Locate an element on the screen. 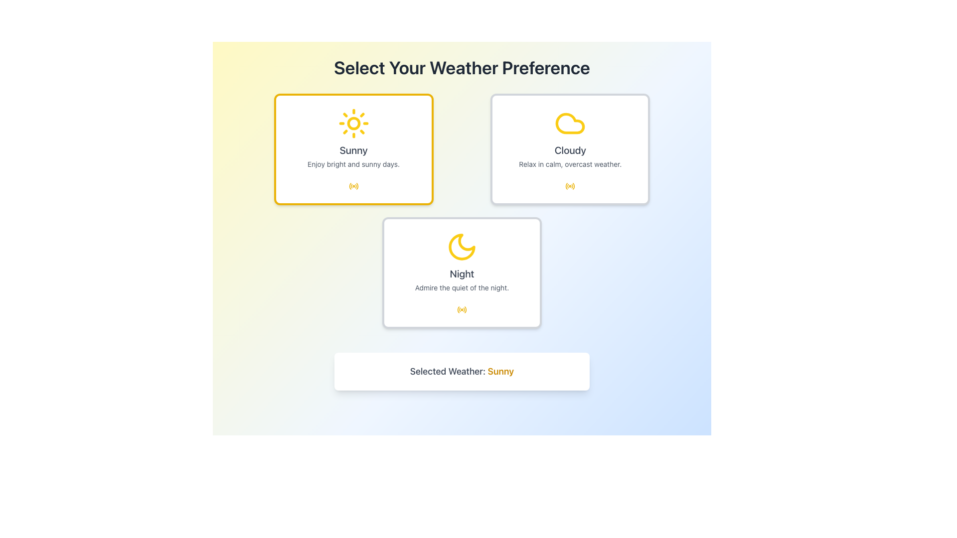 The height and width of the screenshot is (538, 957). the 'Cloudy' text heading element, which is displayed in a medium gray font and positioned centrally within the 'Cloudy' weather option card is located at coordinates (570, 150).